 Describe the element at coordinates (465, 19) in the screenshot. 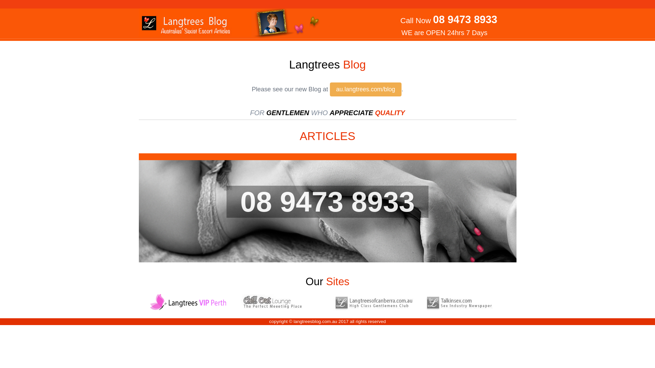

I see `'08 9473 8933'` at that location.